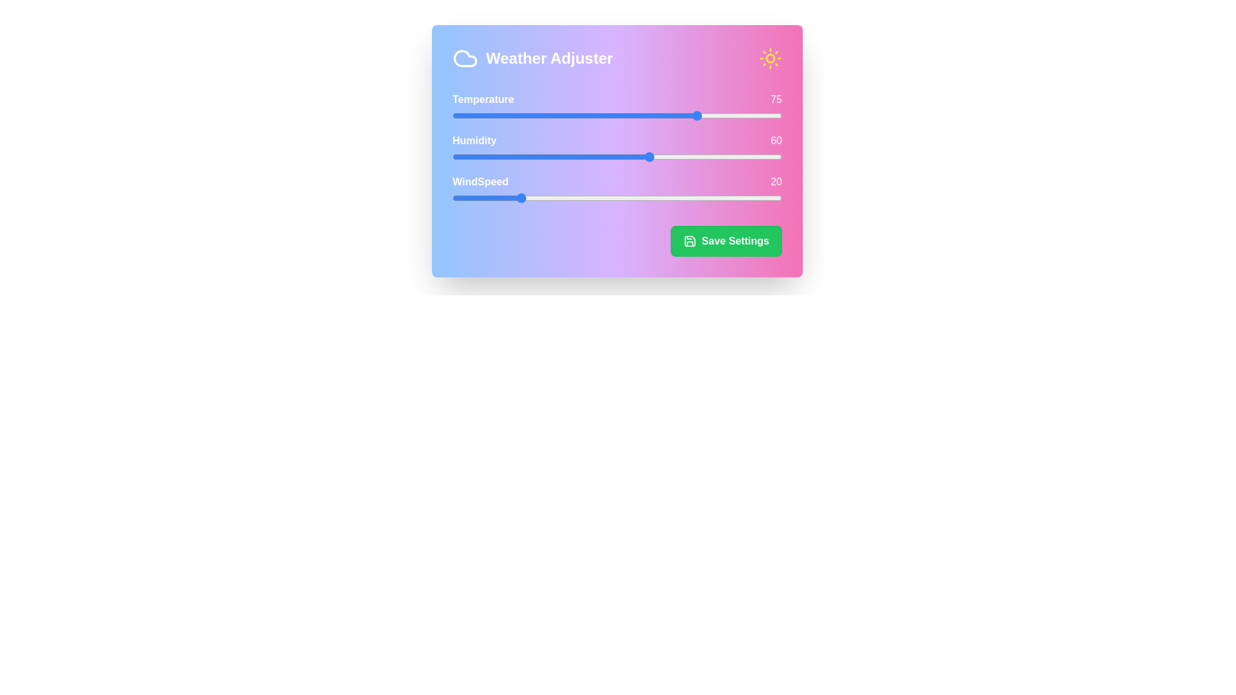 Image resolution: width=1236 pixels, height=695 pixels. What do you see at coordinates (534, 198) in the screenshot?
I see `the wind speed` at bounding box center [534, 198].